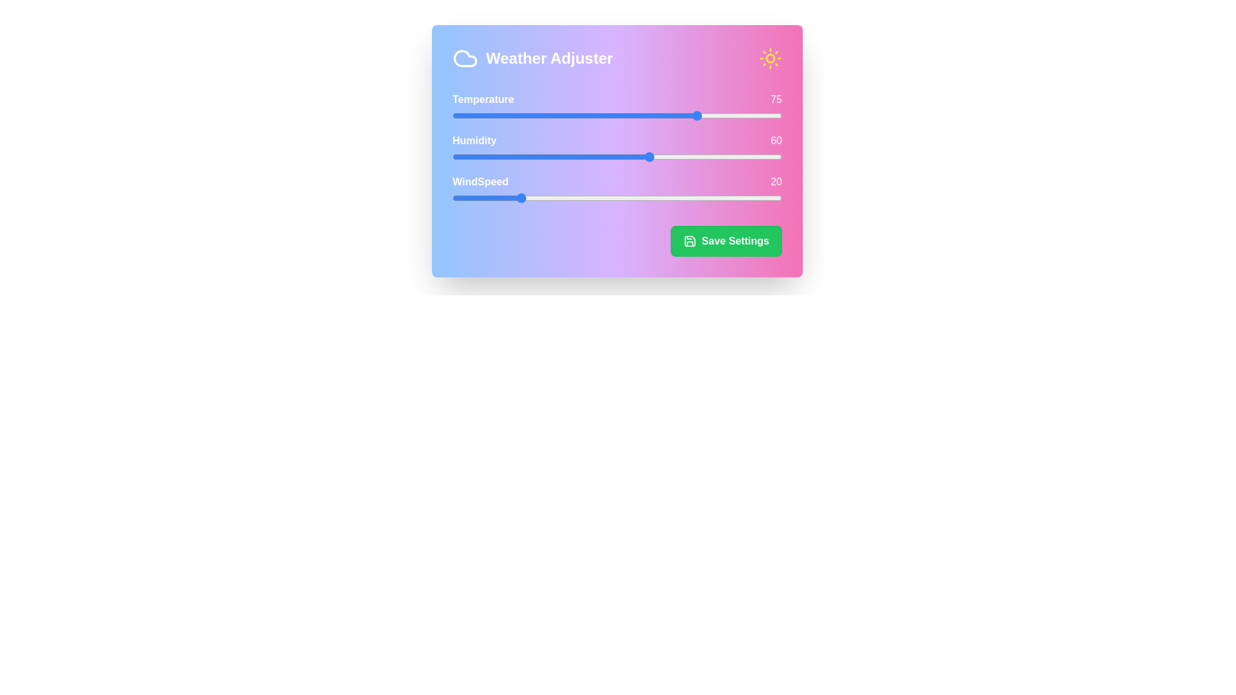 Image resolution: width=1236 pixels, height=695 pixels. What do you see at coordinates (534, 198) in the screenshot?
I see `the wind speed` at bounding box center [534, 198].